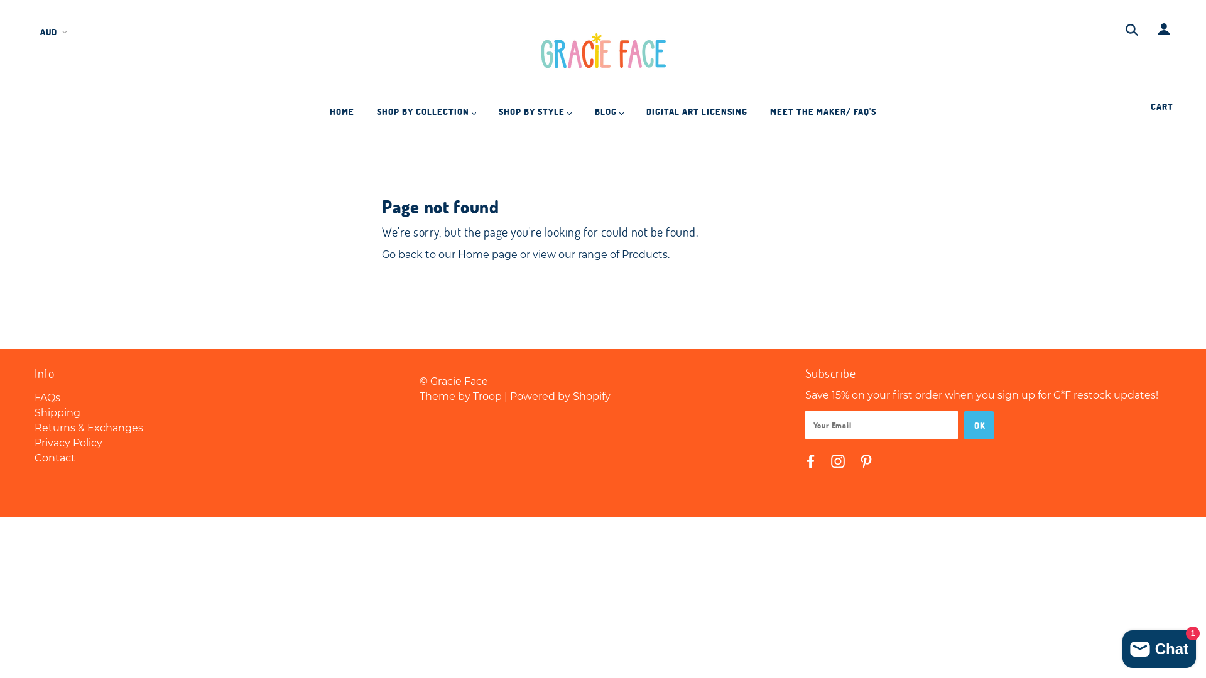  Describe the element at coordinates (535, 116) in the screenshot. I see `'SHOP BY STYLE'` at that location.